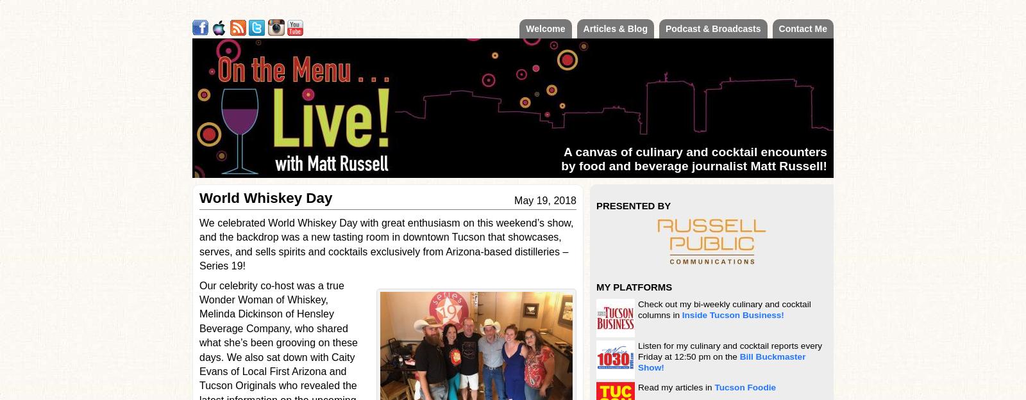 Image resolution: width=1026 pixels, height=400 pixels. Describe the element at coordinates (386, 243) in the screenshot. I see `'We celebrated World Whiskey Day with great enthusiasm on this weekend’s show, and the backdrop was a new tasting room in downtown Tucson that showcases, serves, and sells spirits and cocktails exclusively from Arizona-based distilleries – Series 19!'` at that location.